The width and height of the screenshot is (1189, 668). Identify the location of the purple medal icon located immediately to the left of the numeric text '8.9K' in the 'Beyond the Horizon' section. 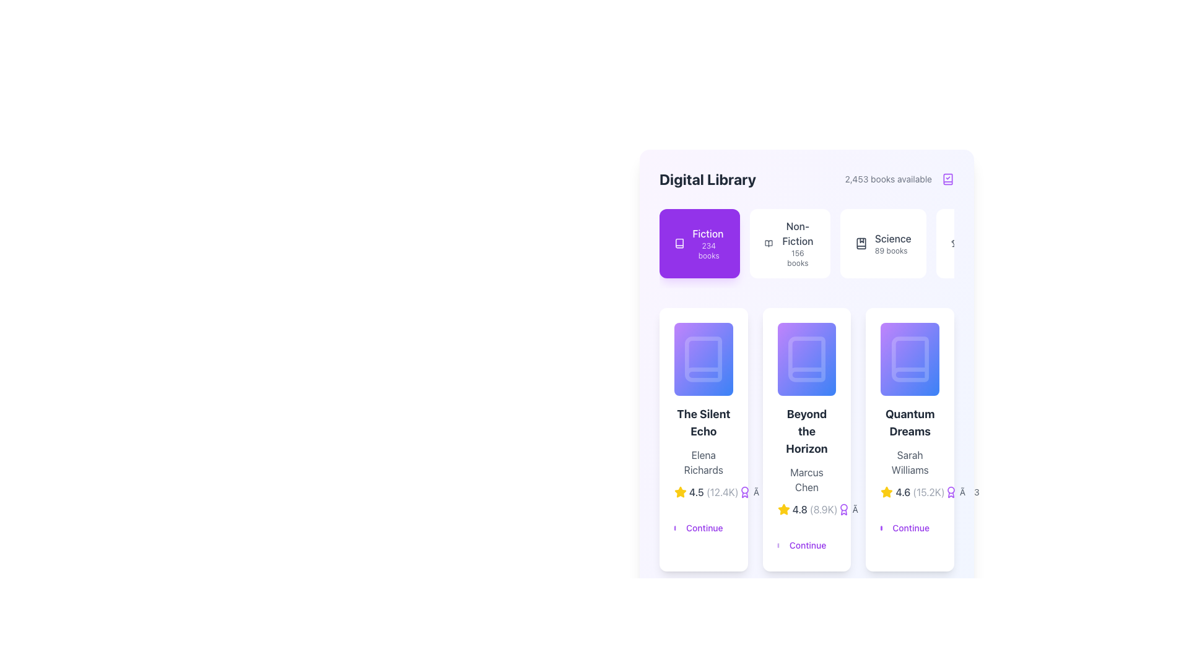
(843, 510).